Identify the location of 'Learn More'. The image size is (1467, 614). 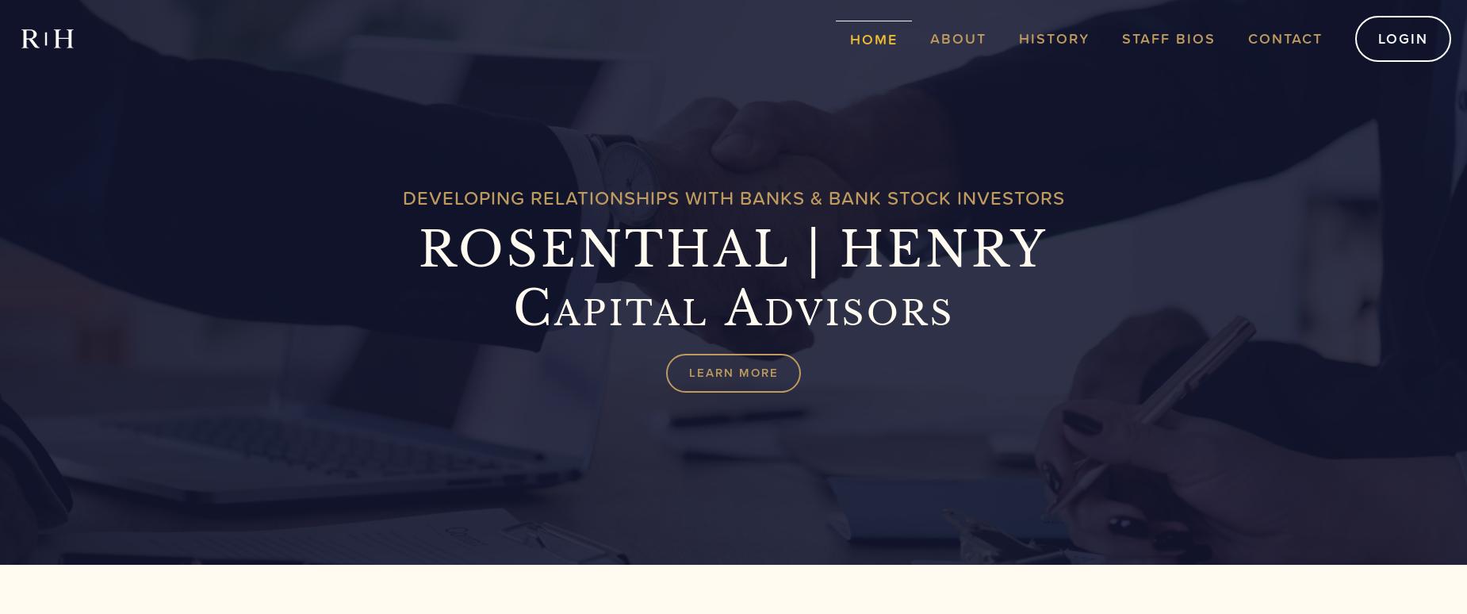
(733, 372).